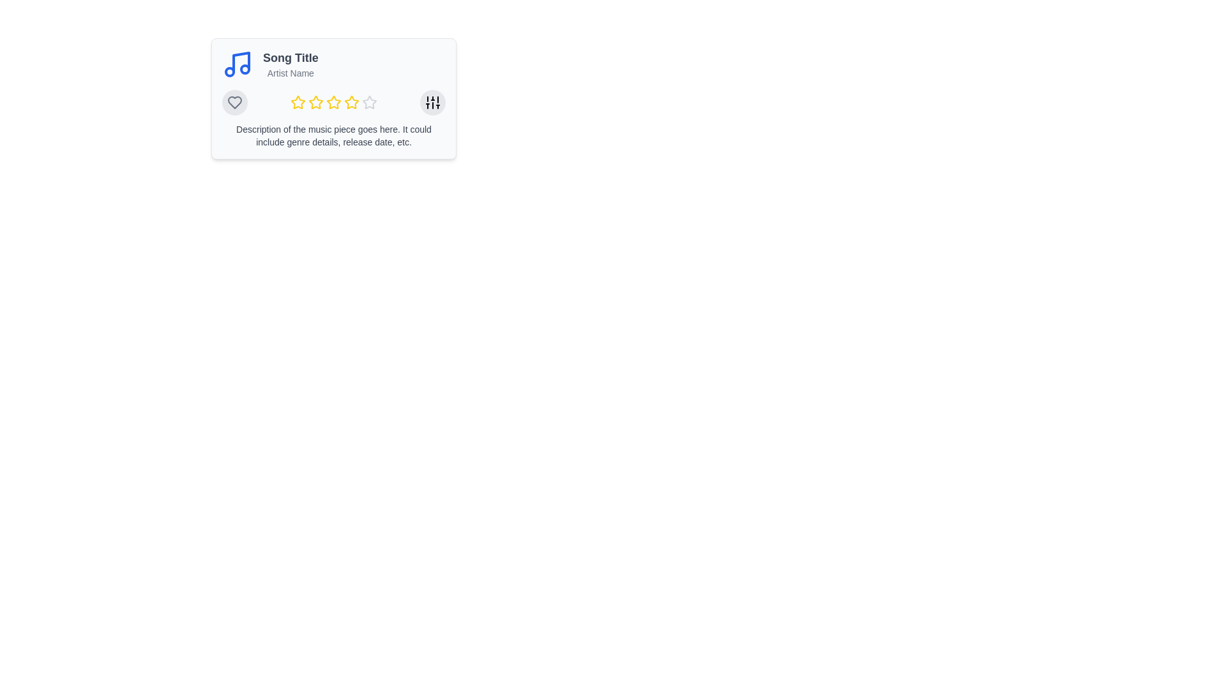 The image size is (1226, 689). I want to click on the fifth star rating icon to provide visual feedback for interaction intent, so click(369, 102).